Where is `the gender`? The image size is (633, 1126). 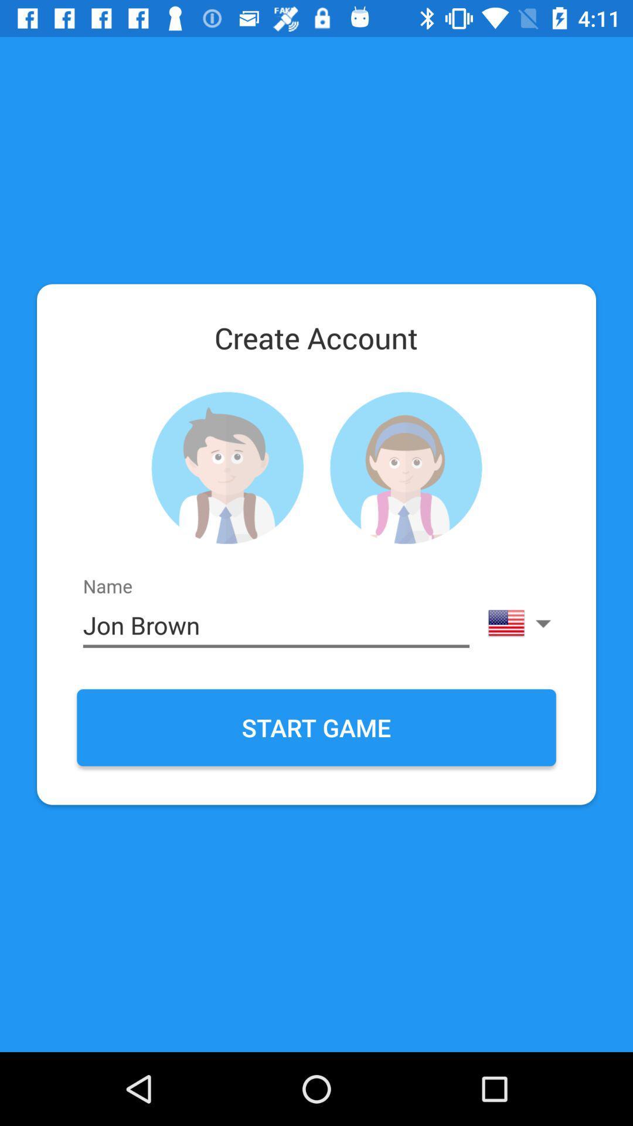
the gender is located at coordinates (227, 467).